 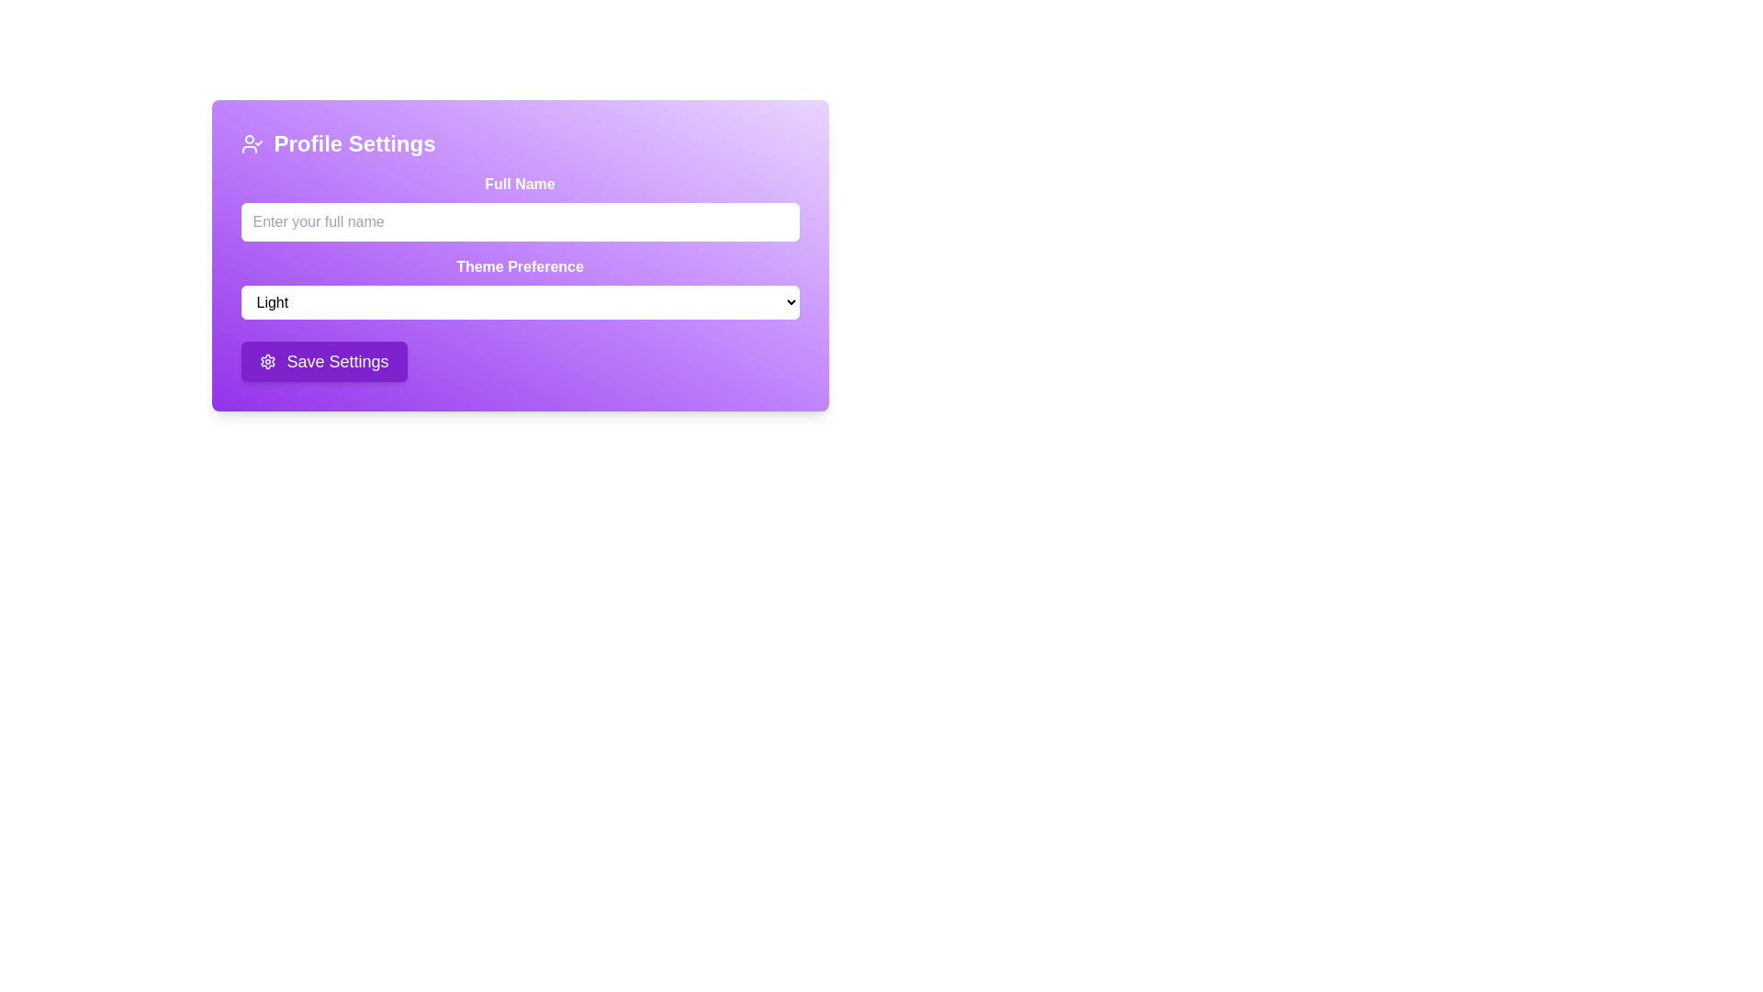 I want to click on the text input field for entering full names located under the 'Profile Settings' section, so click(x=519, y=207).